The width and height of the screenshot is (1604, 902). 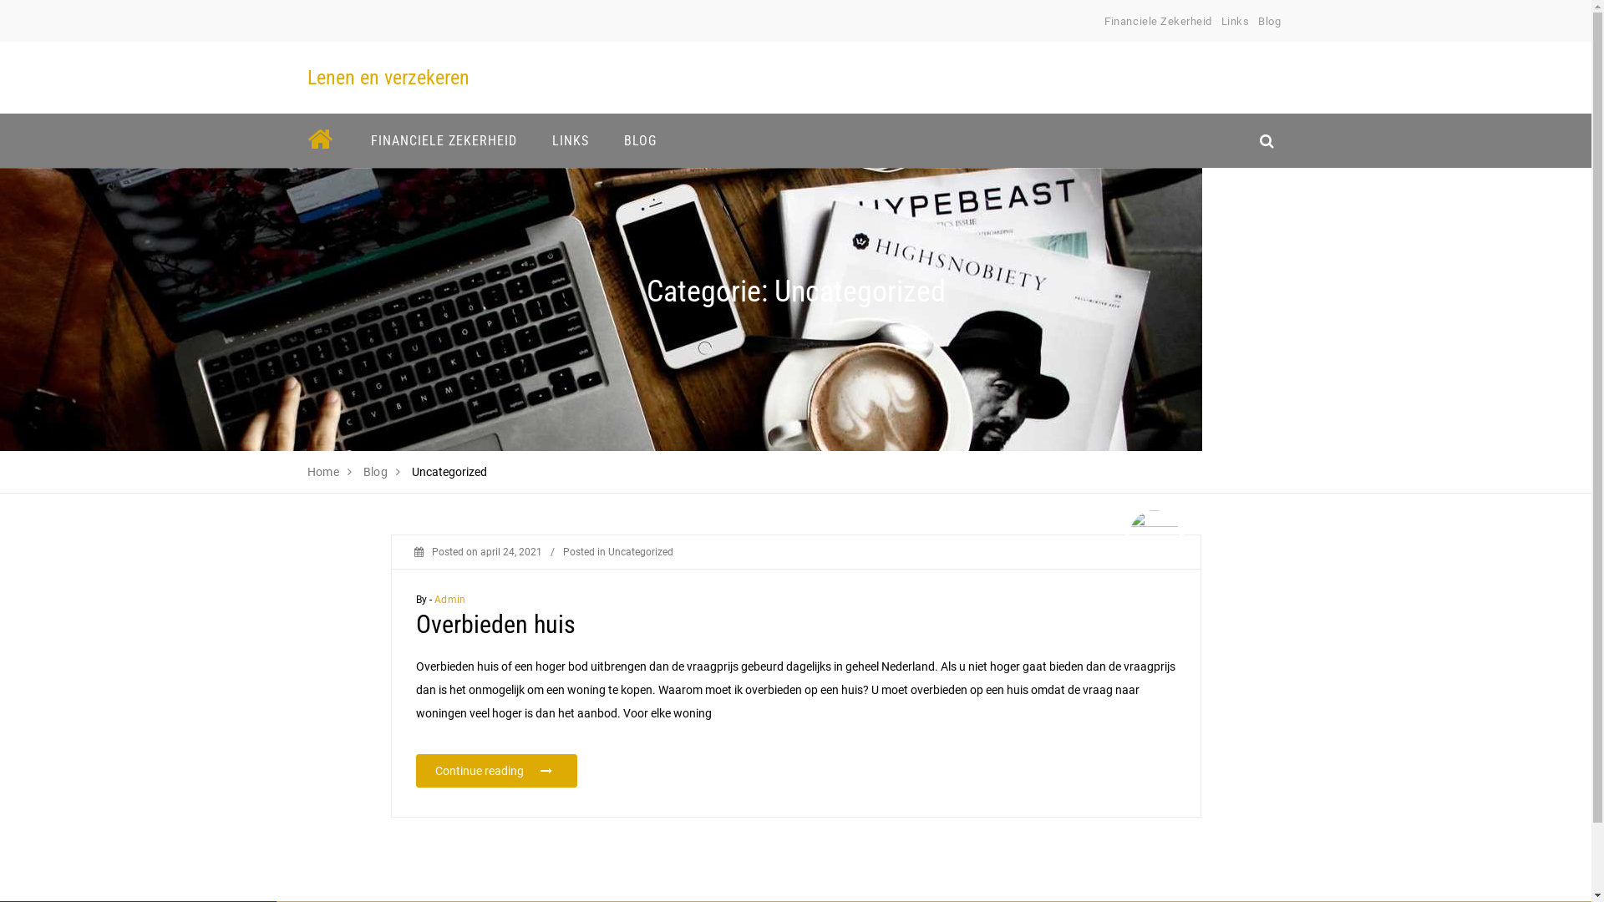 What do you see at coordinates (1266, 139) in the screenshot?
I see `'search_icon'` at bounding box center [1266, 139].